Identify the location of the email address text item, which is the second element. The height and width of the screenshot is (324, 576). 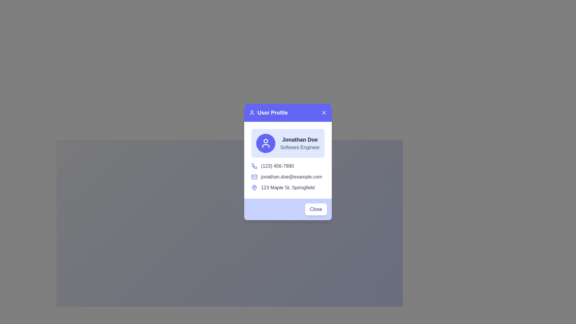
(288, 177).